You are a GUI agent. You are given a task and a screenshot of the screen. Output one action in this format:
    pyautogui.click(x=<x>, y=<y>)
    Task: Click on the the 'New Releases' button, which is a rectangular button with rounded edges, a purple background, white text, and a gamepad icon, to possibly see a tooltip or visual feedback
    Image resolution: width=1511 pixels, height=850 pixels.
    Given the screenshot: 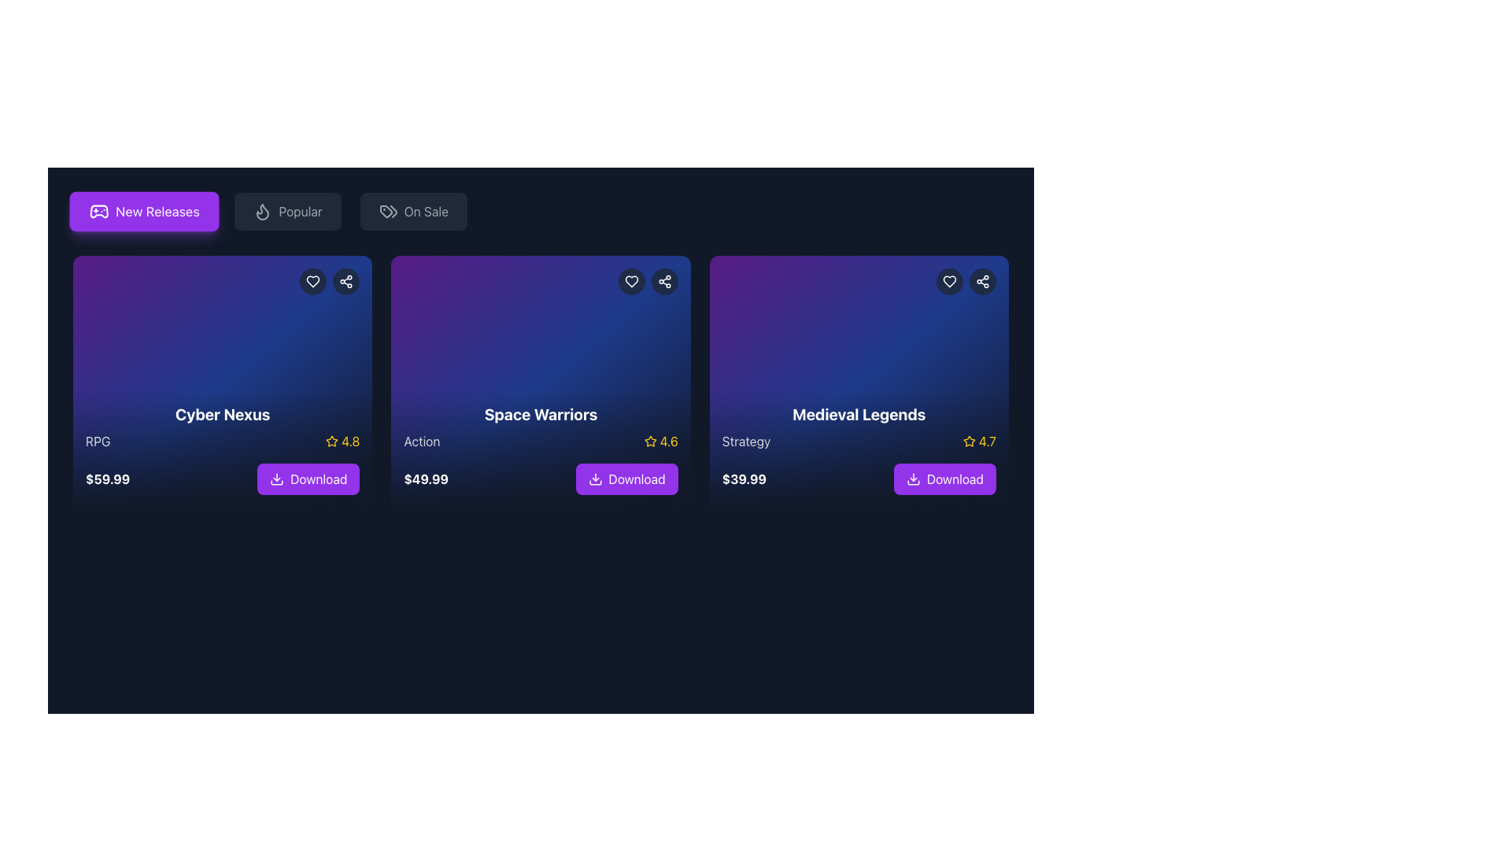 What is the action you would take?
    pyautogui.click(x=144, y=211)
    